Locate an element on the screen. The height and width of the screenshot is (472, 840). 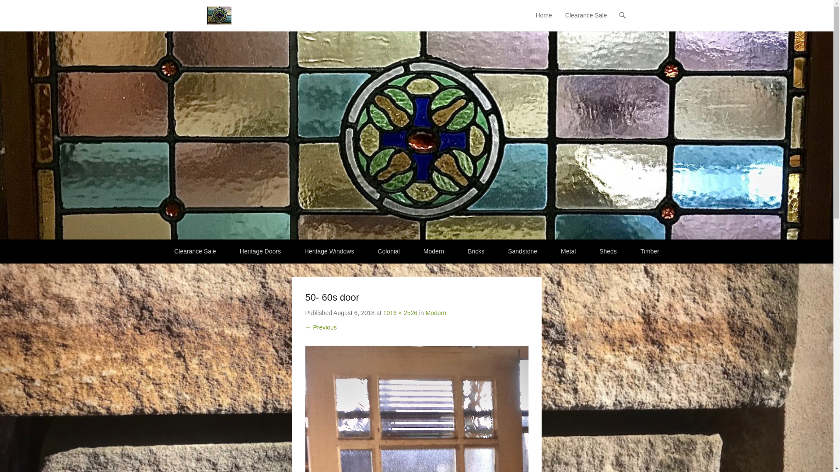
'Heritage Windows' is located at coordinates (294, 251).